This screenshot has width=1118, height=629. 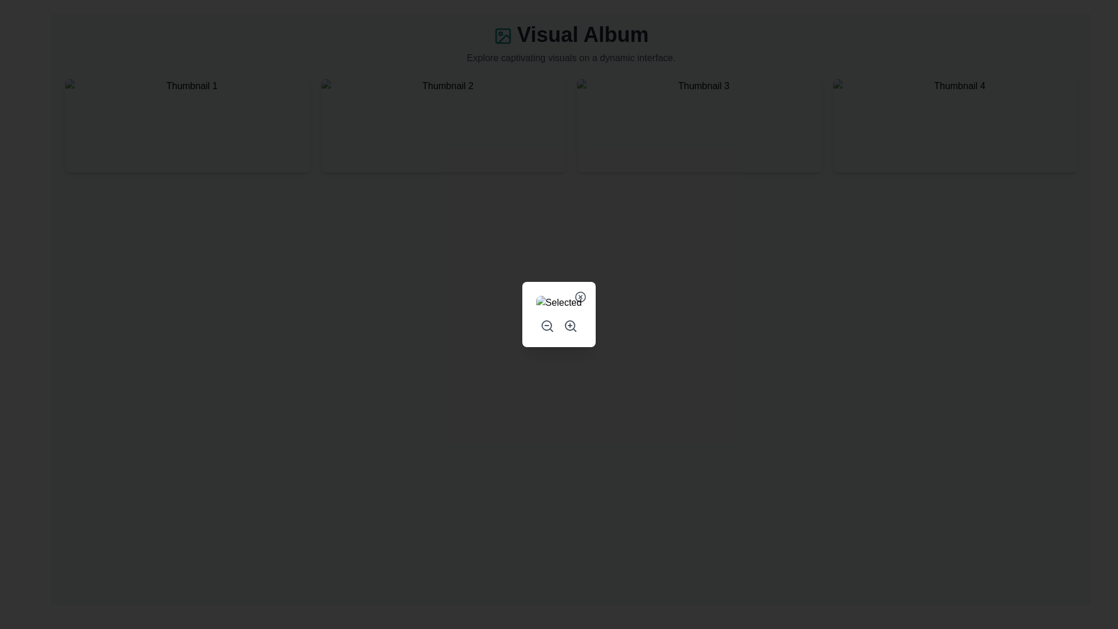 I want to click on the static text header displaying 'Visual Album', which is prominently positioned at the top of the interface, so click(x=571, y=34).